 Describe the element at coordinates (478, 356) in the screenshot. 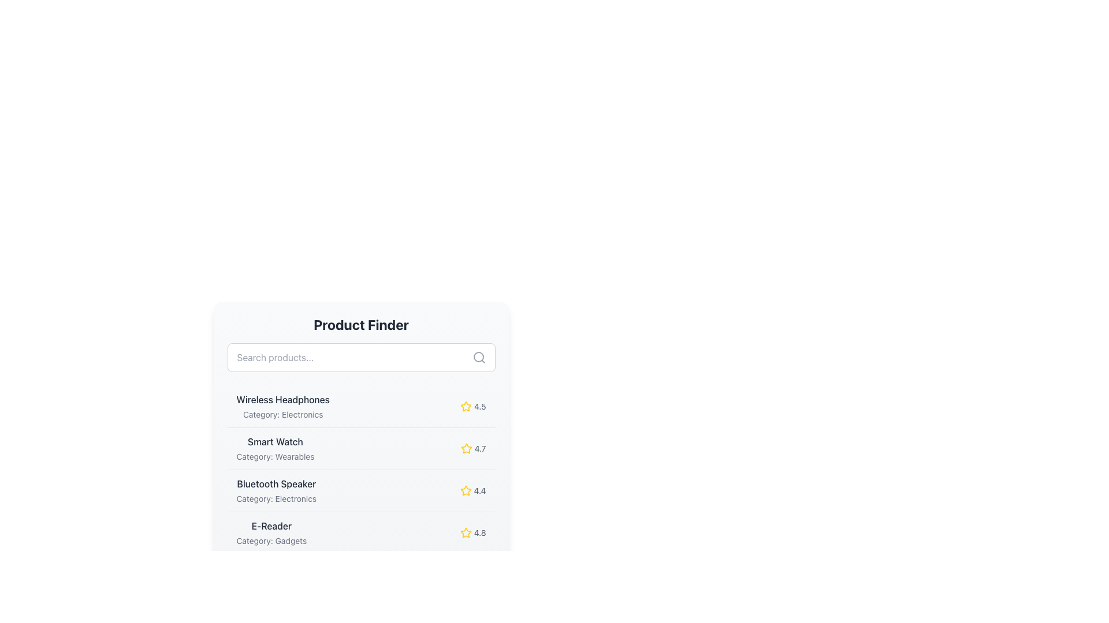

I see `the small circle representing the lens of the magnifying glass icon, located near the top-right region of the search bar` at that location.